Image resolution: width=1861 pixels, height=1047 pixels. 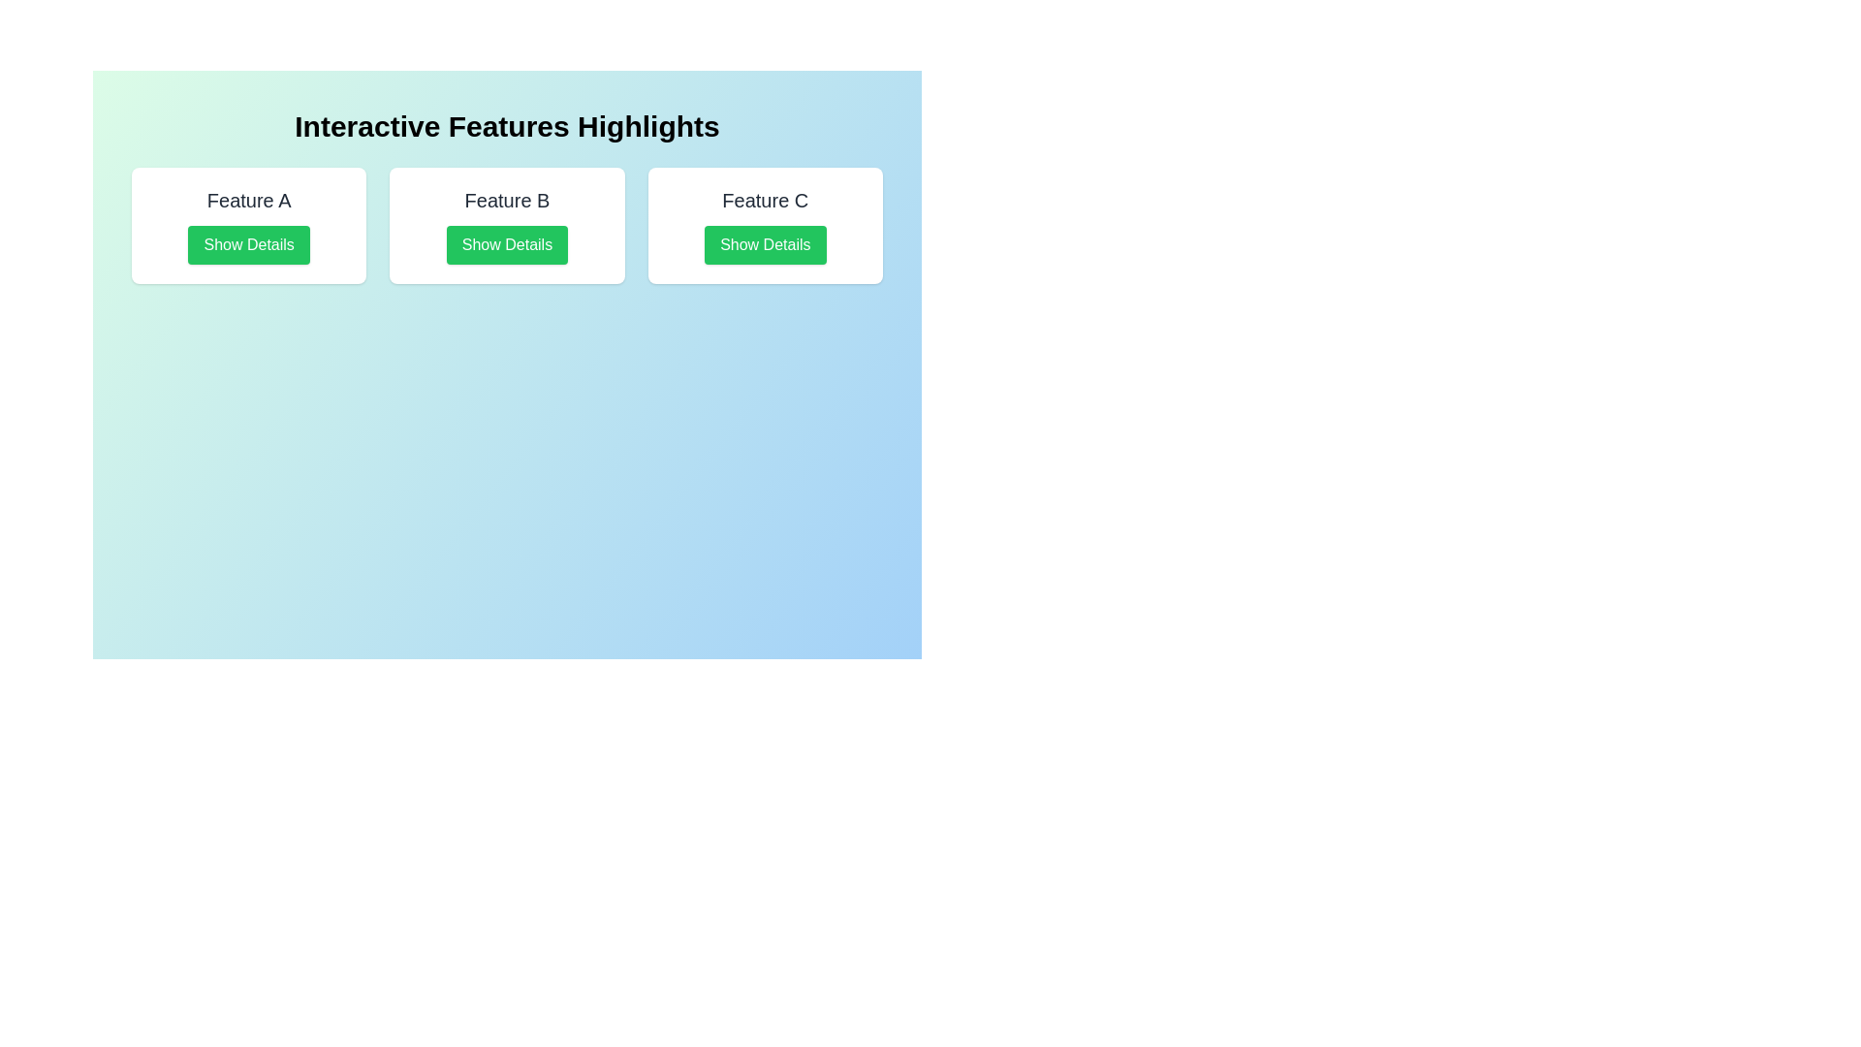 I want to click on the static text label that displays 'Feature B' which is prominently styled and located above the 'Show Details' button in the middle feature block of a three-column layout, so click(x=507, y=201).